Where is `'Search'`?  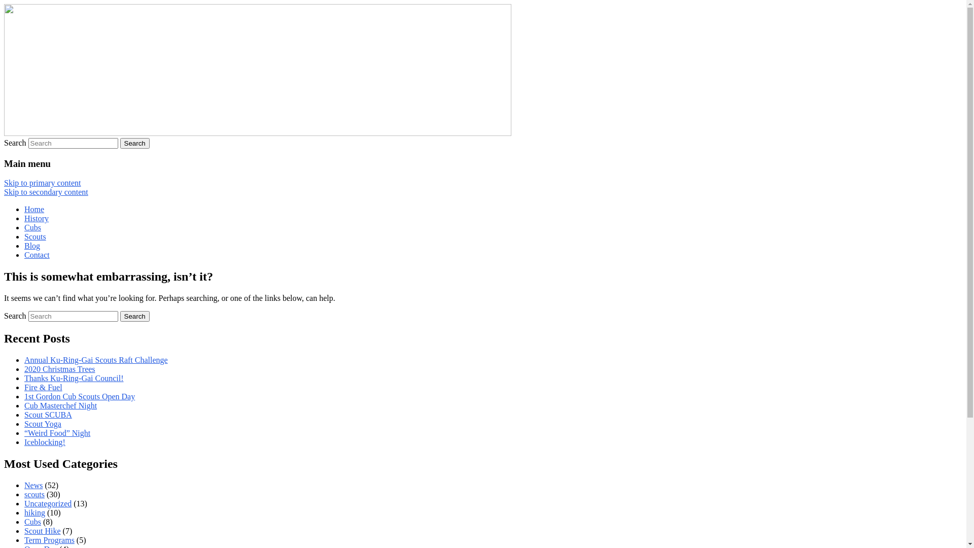 'Search' is located at coordinates (134, 316).